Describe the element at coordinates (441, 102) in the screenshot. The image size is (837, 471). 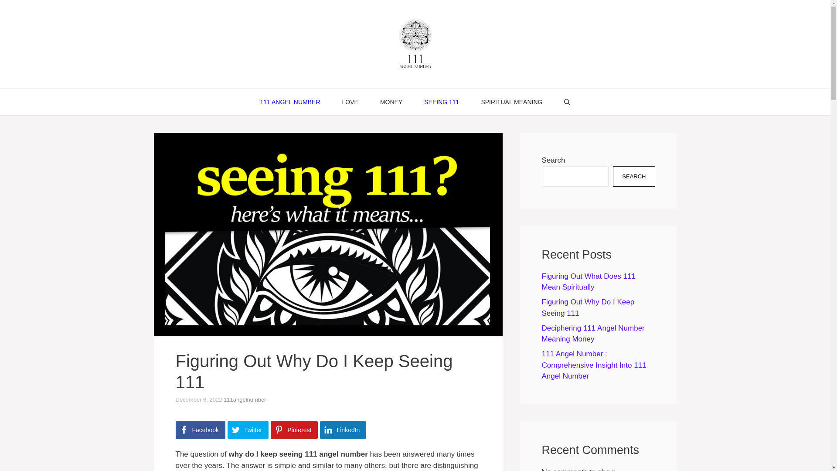
I see `'SEEING 111'` at that location.